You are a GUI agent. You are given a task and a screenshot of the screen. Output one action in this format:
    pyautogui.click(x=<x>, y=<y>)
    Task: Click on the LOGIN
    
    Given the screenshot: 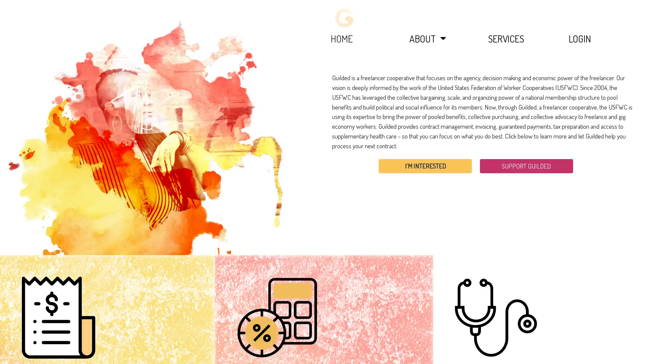 What is the action you would take?
    pyautogui.click(x=579, y=38)
    